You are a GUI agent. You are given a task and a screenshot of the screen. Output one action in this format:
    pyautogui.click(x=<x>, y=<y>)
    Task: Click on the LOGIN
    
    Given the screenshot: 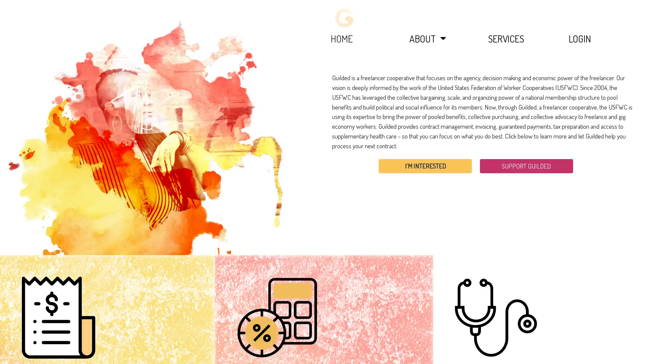 What is the action you would take?
    pyautogui.click(x=579, y=38)
    